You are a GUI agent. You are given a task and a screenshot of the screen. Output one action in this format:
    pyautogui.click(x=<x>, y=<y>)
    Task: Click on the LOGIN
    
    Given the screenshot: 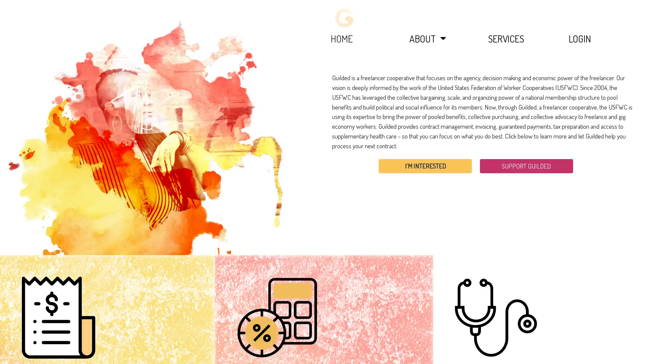 What is the action you would take?
    pyautogui.click(x=579, y=38)
    